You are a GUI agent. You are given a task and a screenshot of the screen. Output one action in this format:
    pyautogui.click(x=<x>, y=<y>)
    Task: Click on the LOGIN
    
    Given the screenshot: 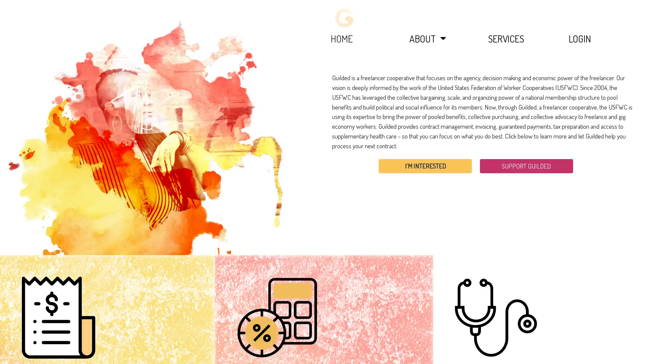 What is the action you would take?
    pyautogui.click(x=579, y=38)
    